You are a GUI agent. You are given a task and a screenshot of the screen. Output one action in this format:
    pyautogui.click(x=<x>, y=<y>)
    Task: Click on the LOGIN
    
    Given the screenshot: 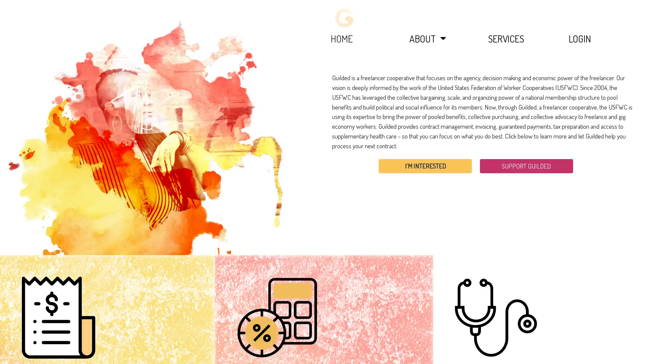 What is the action you would take?
    pyautogui.click(x=579, y=38)
    